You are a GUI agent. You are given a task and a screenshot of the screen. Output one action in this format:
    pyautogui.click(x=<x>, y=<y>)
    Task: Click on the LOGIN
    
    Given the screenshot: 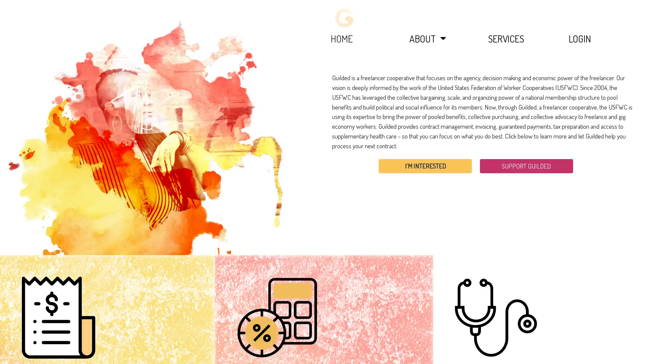 What is the action you would take?
    pyautogui.click(x=579, y=38)
    